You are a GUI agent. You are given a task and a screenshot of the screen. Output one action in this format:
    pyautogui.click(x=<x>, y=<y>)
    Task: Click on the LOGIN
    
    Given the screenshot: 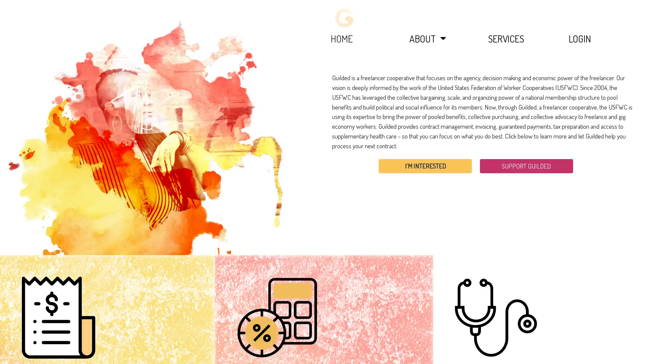 What is the action you would take?
    pyautogui.click(x=579, y=38)
    